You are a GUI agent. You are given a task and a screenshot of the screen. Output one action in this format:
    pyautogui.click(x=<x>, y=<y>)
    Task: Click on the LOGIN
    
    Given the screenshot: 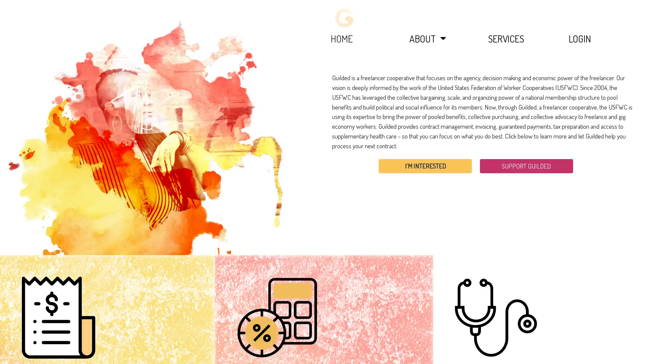 What is the action you would take?
    pyautogui.click(x=579, y=38)
    